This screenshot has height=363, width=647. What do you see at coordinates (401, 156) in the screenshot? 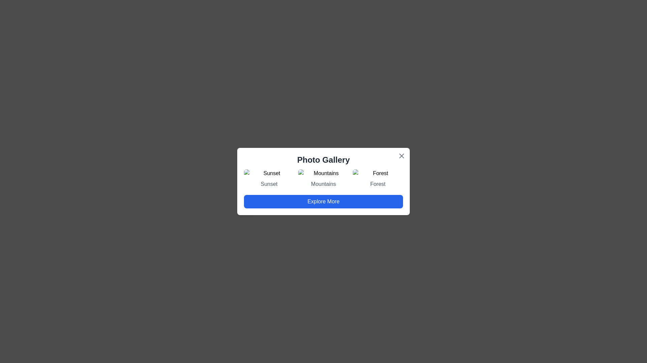
I see `the close button to close the gallery` at bounding box center [401, 156].